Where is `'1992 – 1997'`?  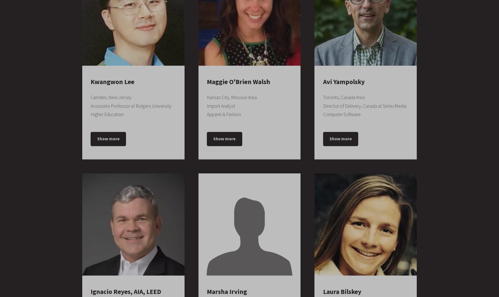 '1992 – 1997' is located at coordinates (145, 198).